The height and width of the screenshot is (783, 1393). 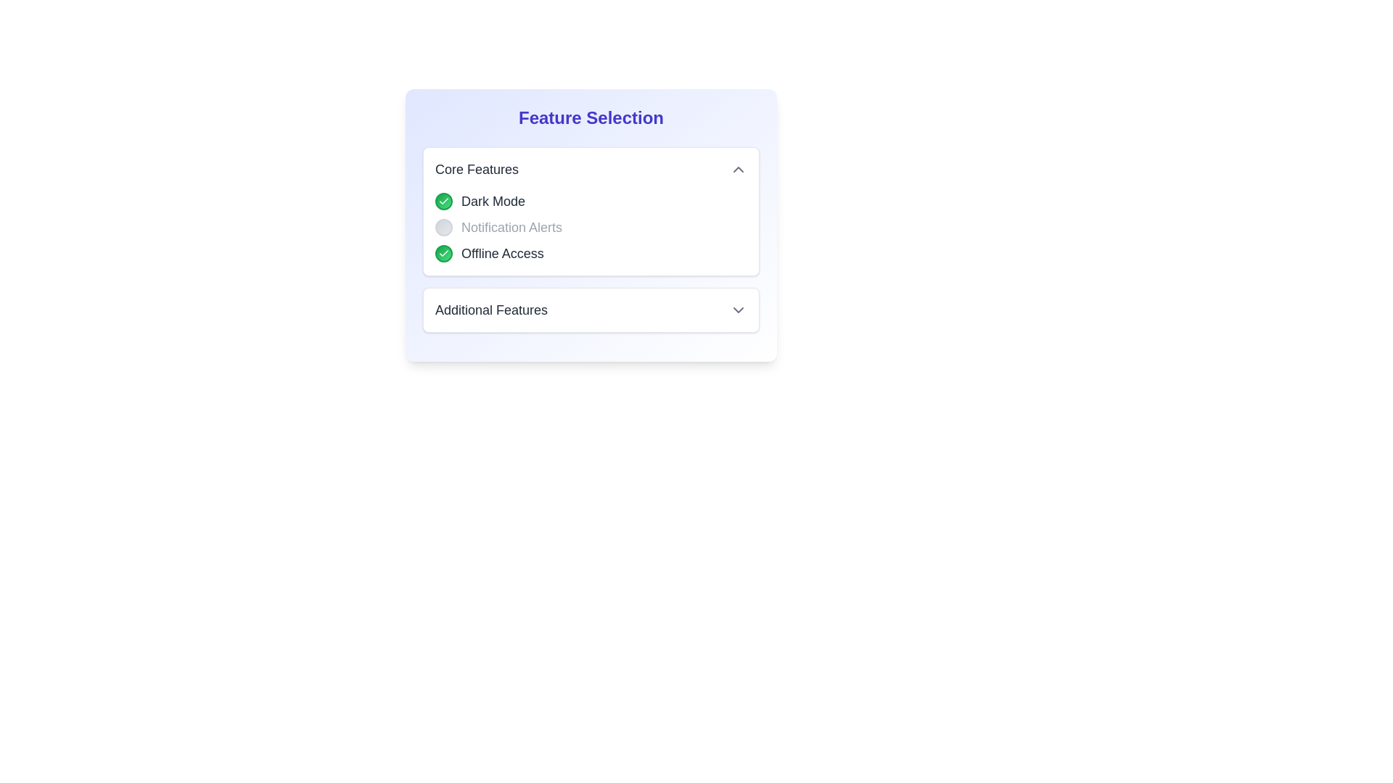 What do you see at coordinates (443, 253) in the screenshot?
I see `the check mark icon with a rounded appearance and green background next to 'Offline Access' in the 'Core Features' list` at bounding box center [443, 253].